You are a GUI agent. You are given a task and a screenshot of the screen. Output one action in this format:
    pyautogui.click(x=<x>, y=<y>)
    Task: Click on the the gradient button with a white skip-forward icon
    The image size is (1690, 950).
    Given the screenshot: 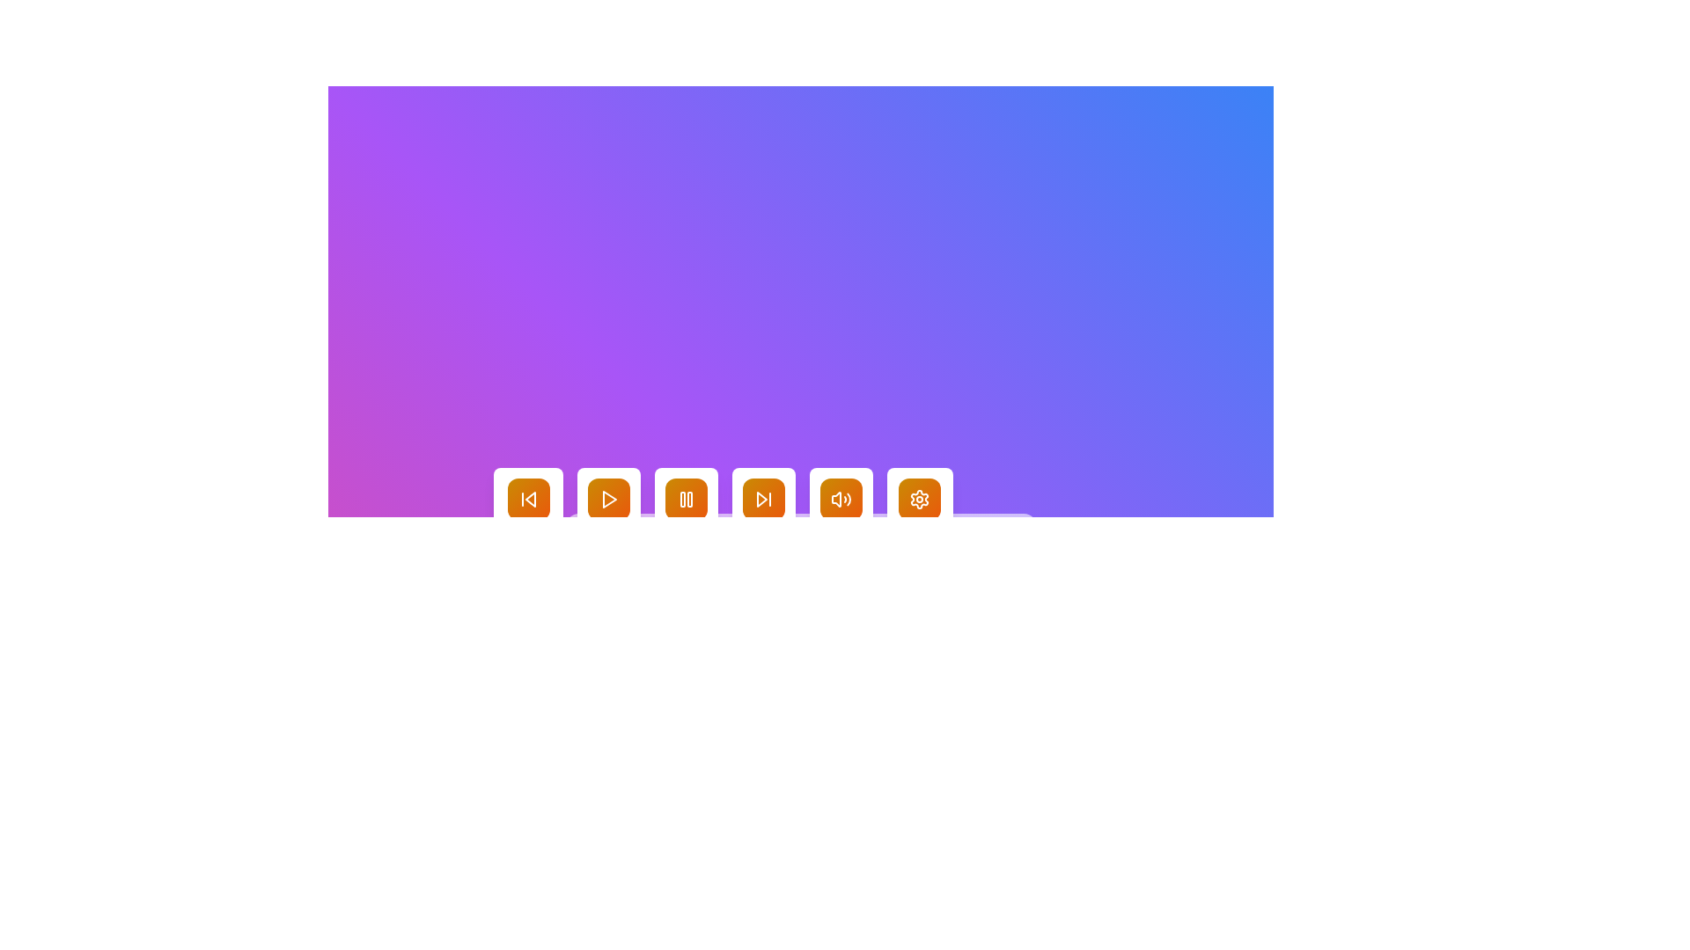 What is the action you would take?
    pyautogui.click(x=763, y=499)
    